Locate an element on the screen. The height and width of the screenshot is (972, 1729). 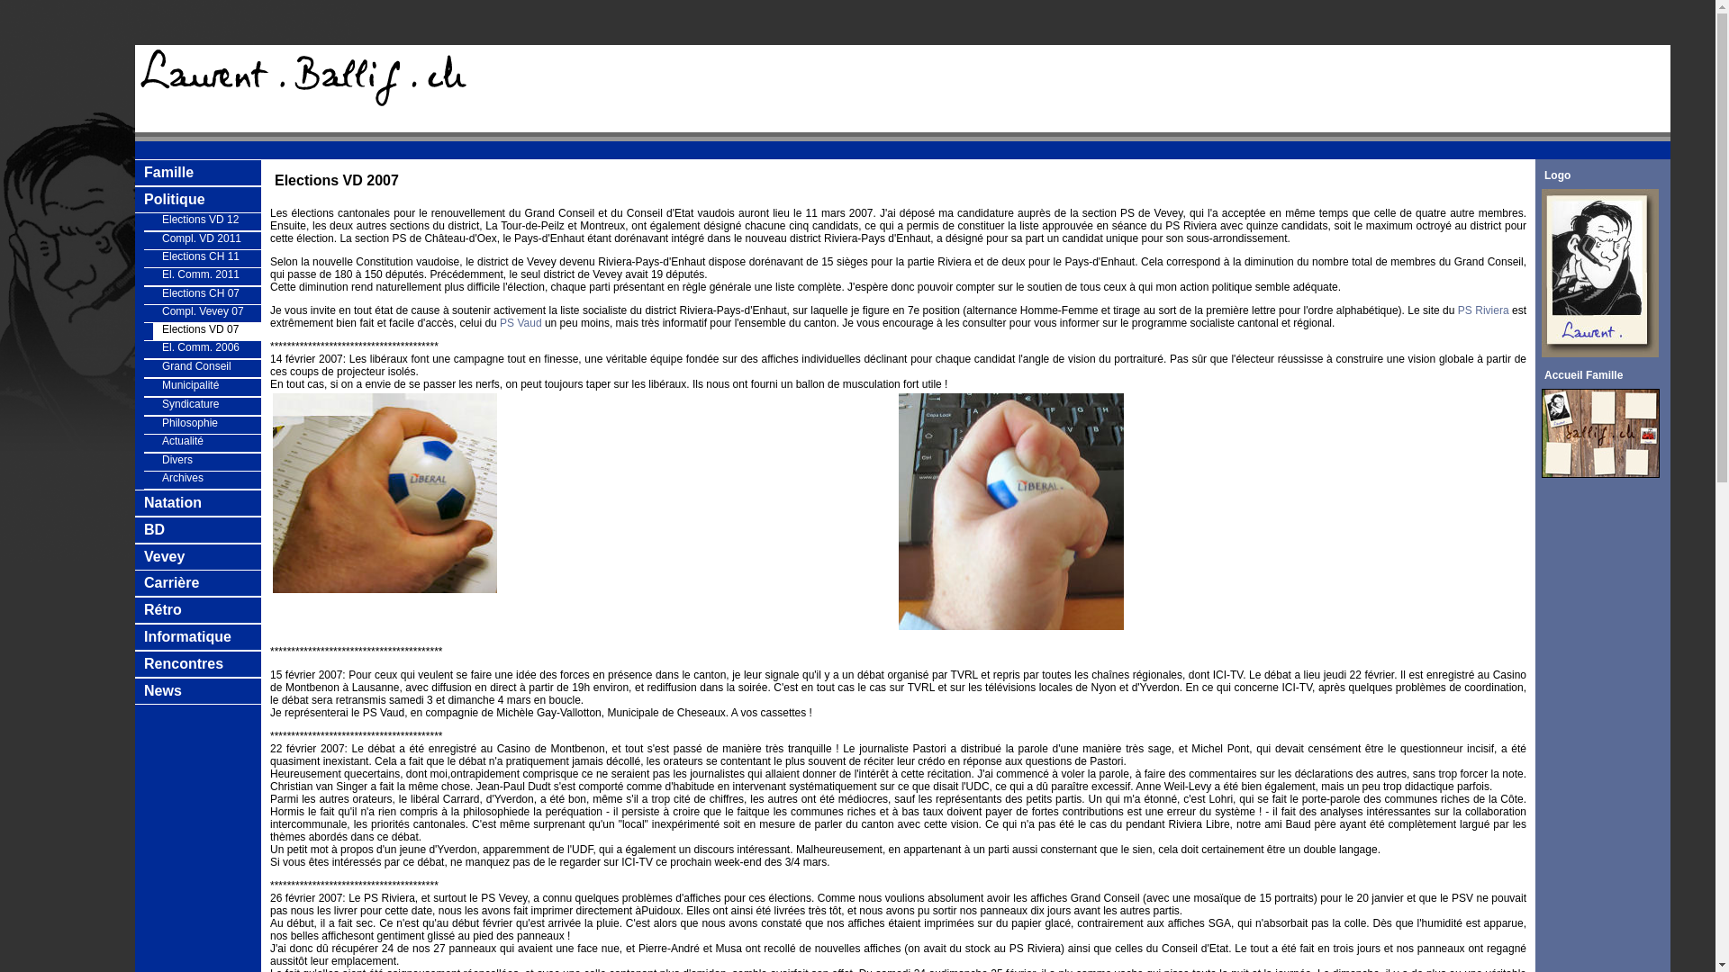
'Philosophie' is located at coordinates (207, 425).